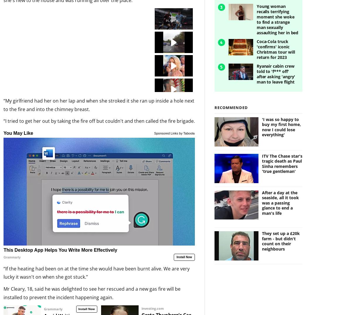 The image size is (337, 315). What do you see at coordinates (99, 95) in the screenshot?
I see `'“My girlfriend had her on her lap and when she stroked it she ran up inside a hole next to the fire and into the chimney breast.'` at bounding box center [99, 95].